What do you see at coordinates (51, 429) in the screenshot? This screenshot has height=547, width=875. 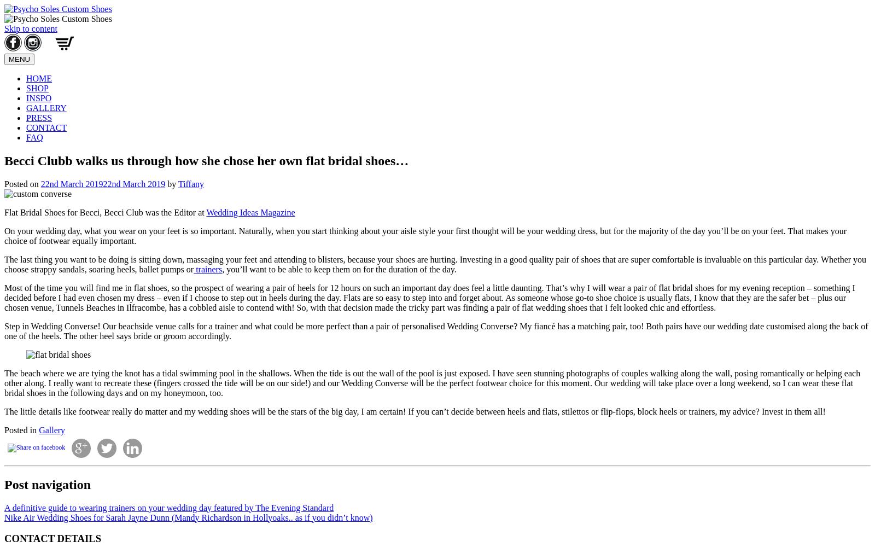 I see `'Gallery'` at bounding box center [51, 429].